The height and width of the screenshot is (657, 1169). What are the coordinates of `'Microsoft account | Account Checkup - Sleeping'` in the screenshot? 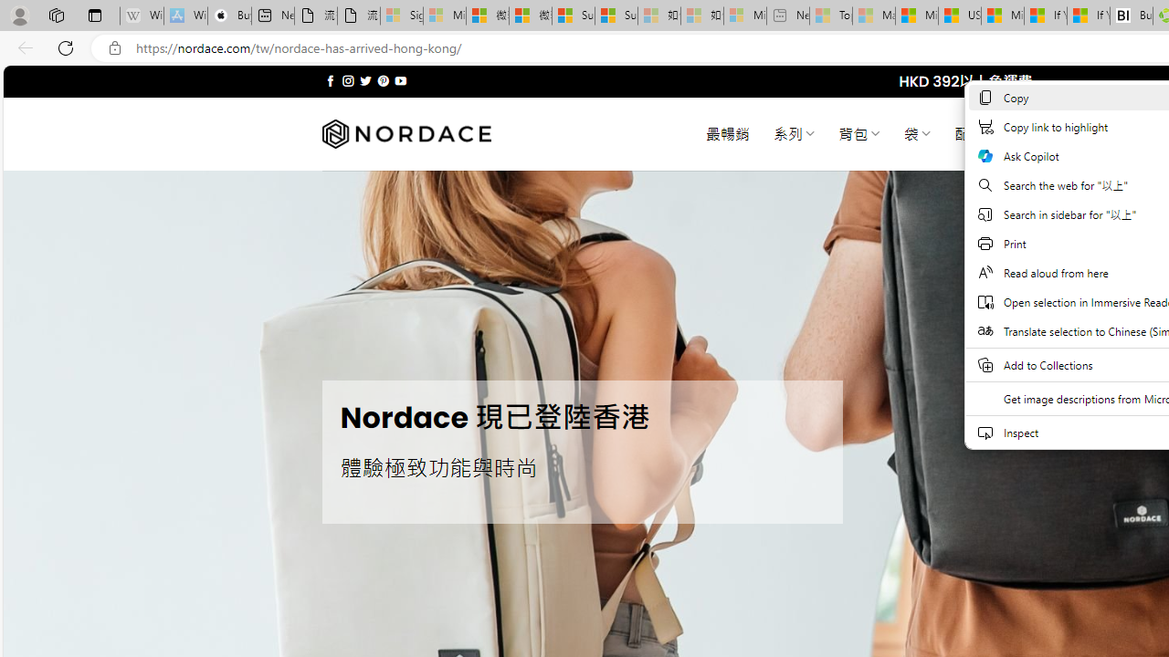 It's located at (744, 16).